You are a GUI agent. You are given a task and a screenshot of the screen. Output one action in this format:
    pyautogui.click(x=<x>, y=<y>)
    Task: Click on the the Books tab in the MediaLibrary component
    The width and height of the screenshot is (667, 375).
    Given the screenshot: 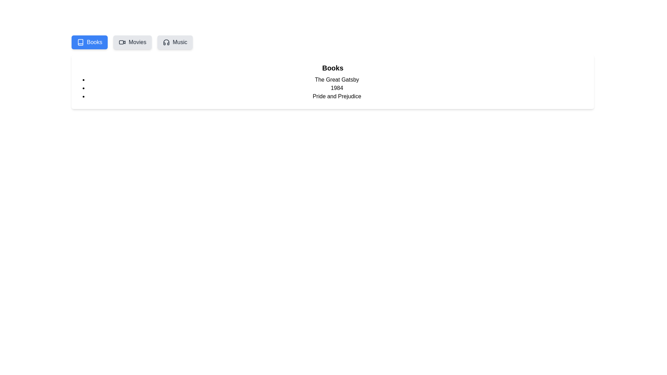 What is the action you would take?
    pyautogui.click(x=89, y=42)
    